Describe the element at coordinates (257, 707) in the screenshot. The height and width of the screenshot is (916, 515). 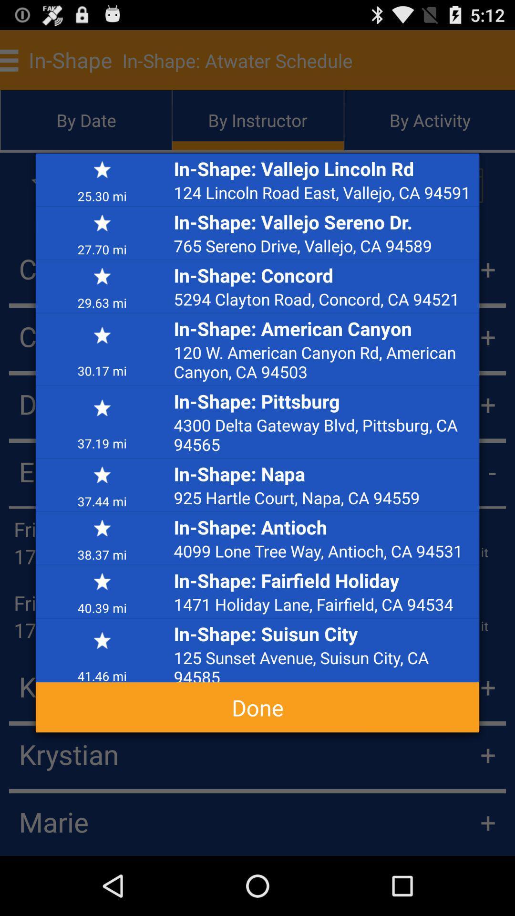
I see `done` at that location.